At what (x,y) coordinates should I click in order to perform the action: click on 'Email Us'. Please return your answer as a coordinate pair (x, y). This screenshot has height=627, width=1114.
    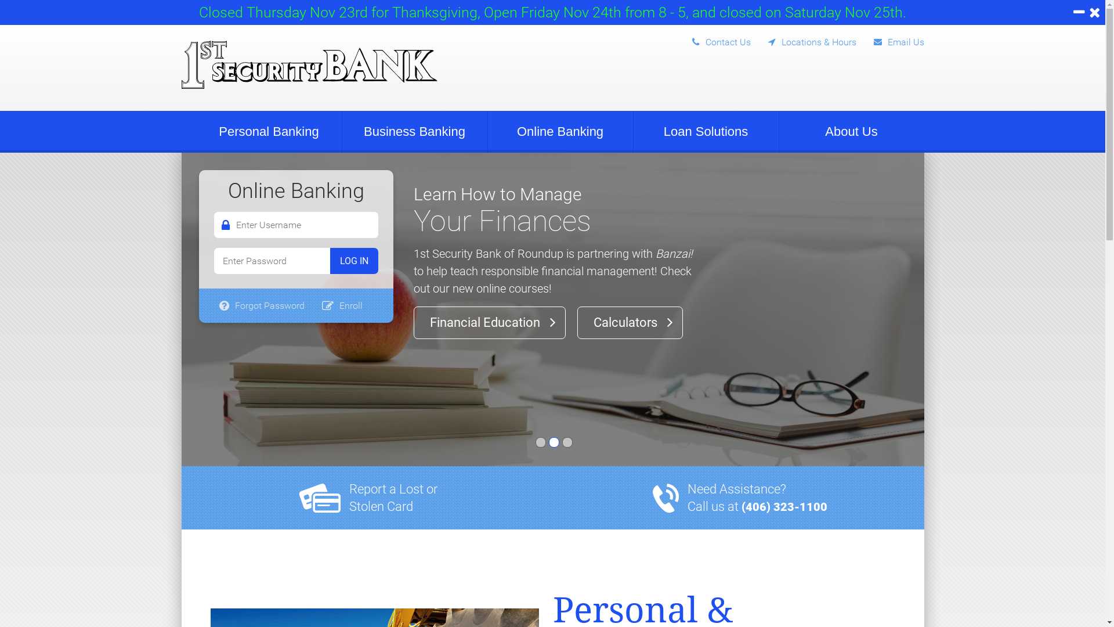
    Looking at the image, I should click on (889, 39).